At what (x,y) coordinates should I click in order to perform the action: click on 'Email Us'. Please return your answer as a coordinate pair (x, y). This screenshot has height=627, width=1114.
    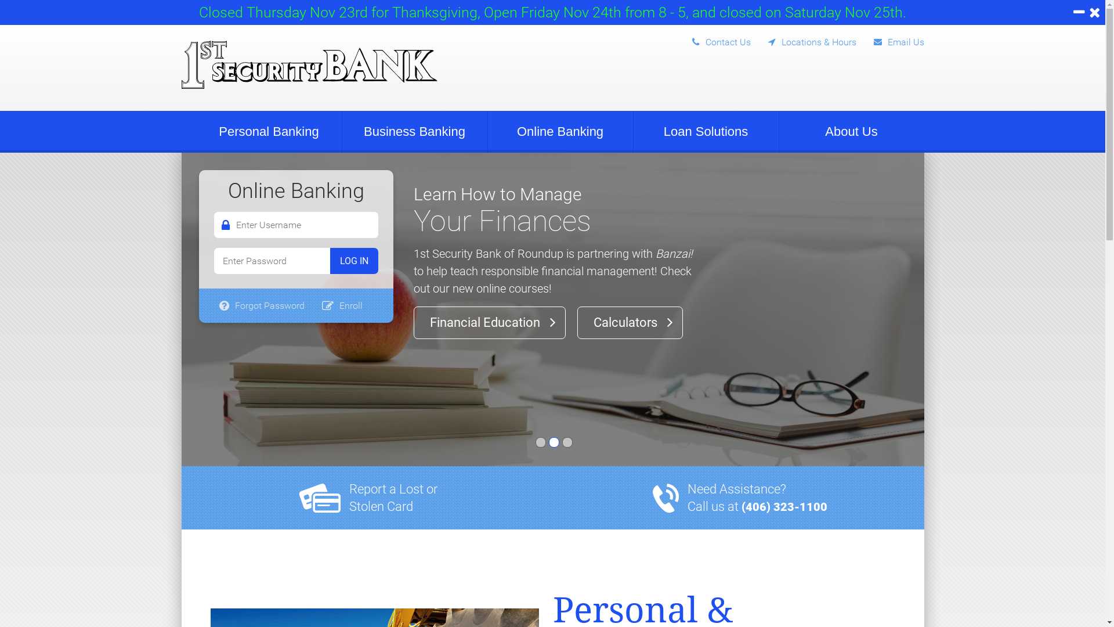
    Looking at the image, I should click on (889, 39).